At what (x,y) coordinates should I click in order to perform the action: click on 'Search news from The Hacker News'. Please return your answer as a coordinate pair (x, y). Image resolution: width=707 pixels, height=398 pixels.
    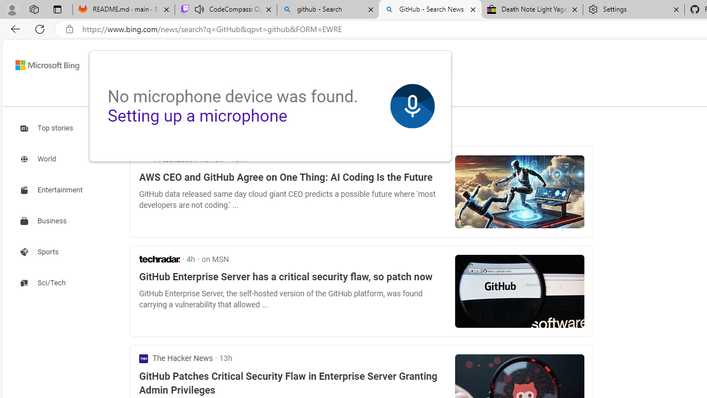
    Looking at the image, I should click on (176, 358).